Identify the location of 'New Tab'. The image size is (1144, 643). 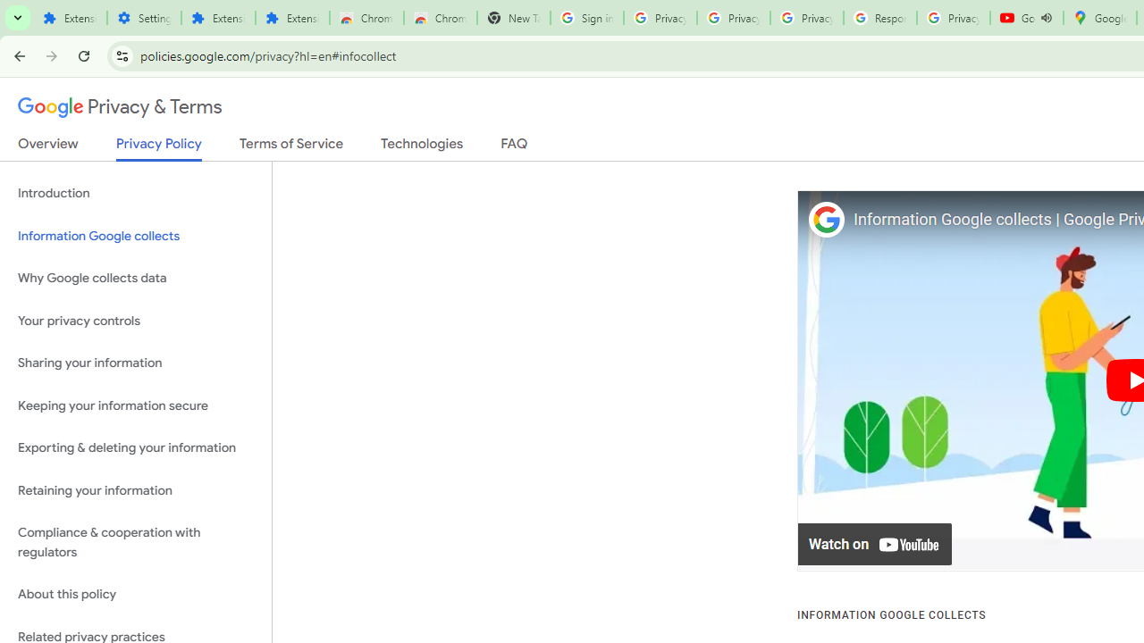
(512, 18).